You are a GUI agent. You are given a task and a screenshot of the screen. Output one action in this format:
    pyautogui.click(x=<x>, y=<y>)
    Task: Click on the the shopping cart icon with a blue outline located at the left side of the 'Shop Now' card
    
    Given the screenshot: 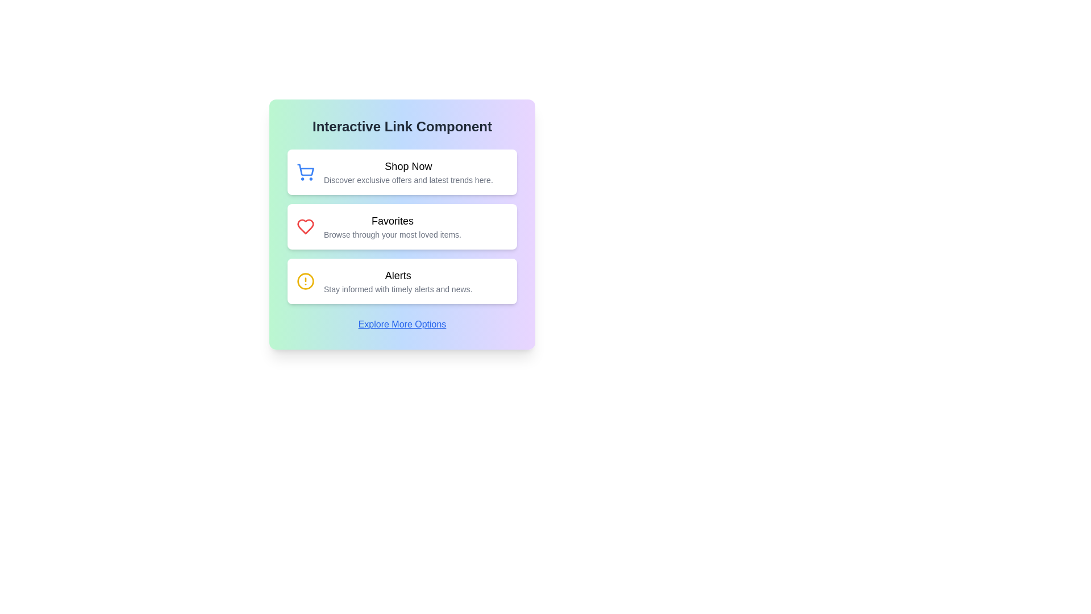 What is the action you would take?
    pyautogui.click(x=305, y=172)
    